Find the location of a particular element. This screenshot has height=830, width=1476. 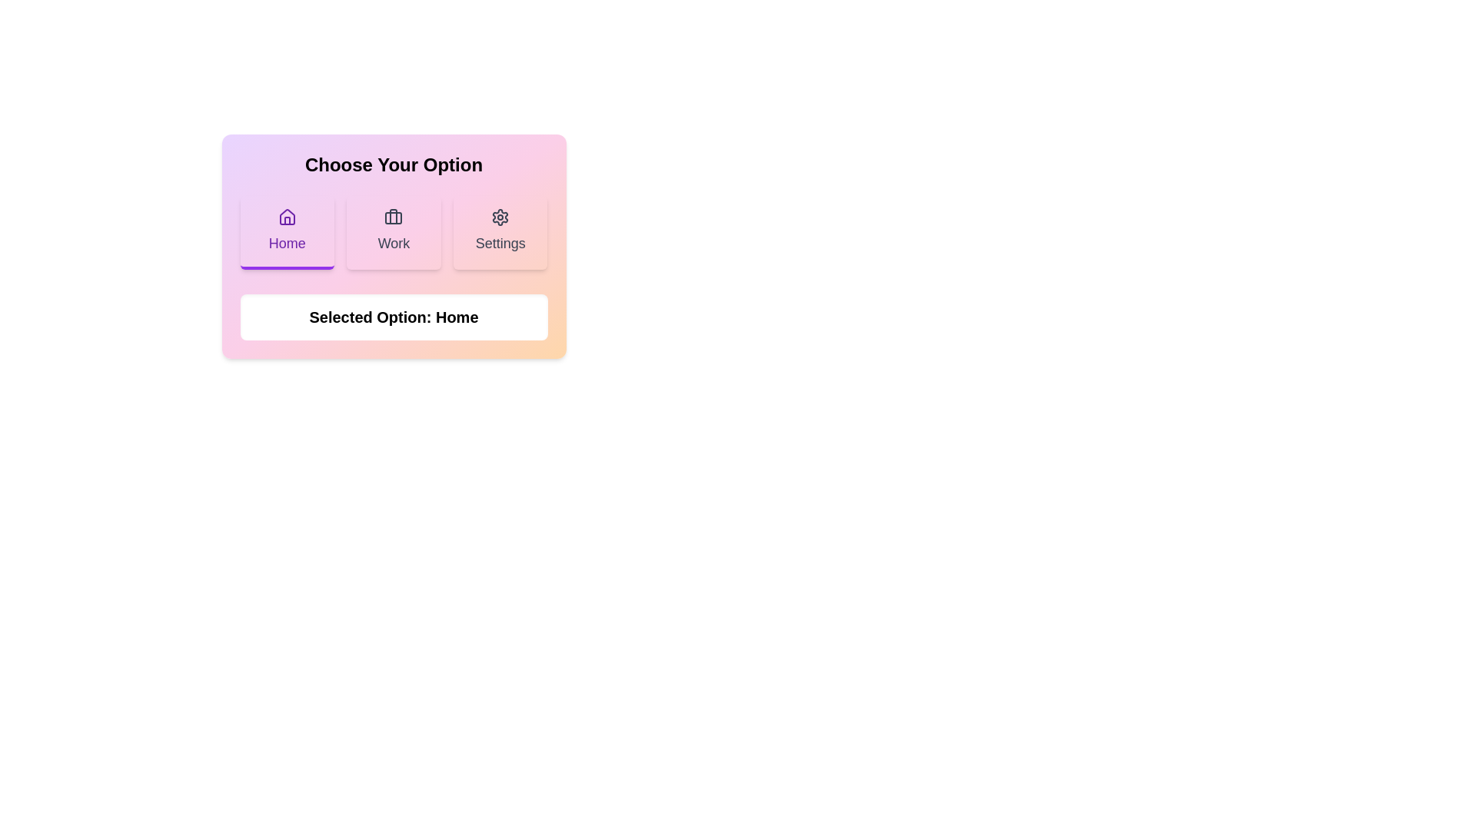

text label 'Settings' which is displayed in a bold typeface beneath a gear icon within the card layout of the settings option is located at coordinates (500, 242).